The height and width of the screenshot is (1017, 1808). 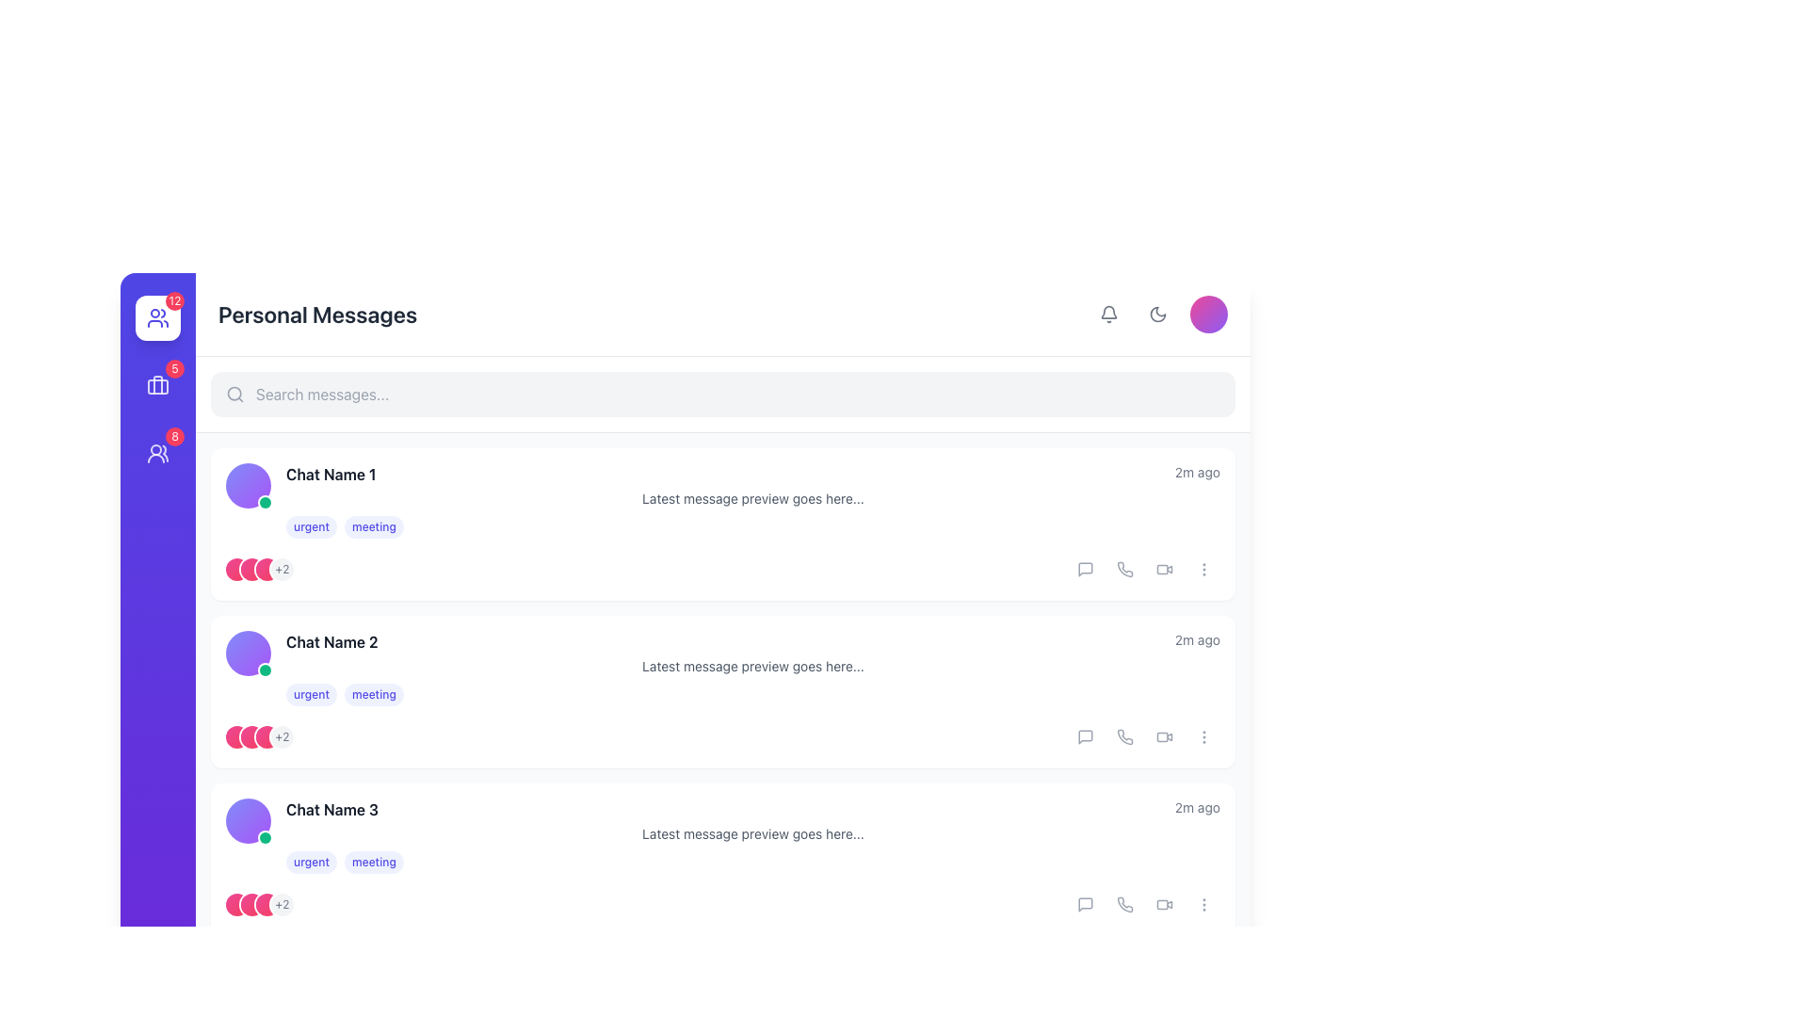 What do you see at coordinates (1161, 569) in the screenshot?
I see `the video icon button located in the interaction section next to each chat entry` at bounding box center [1161, 569].